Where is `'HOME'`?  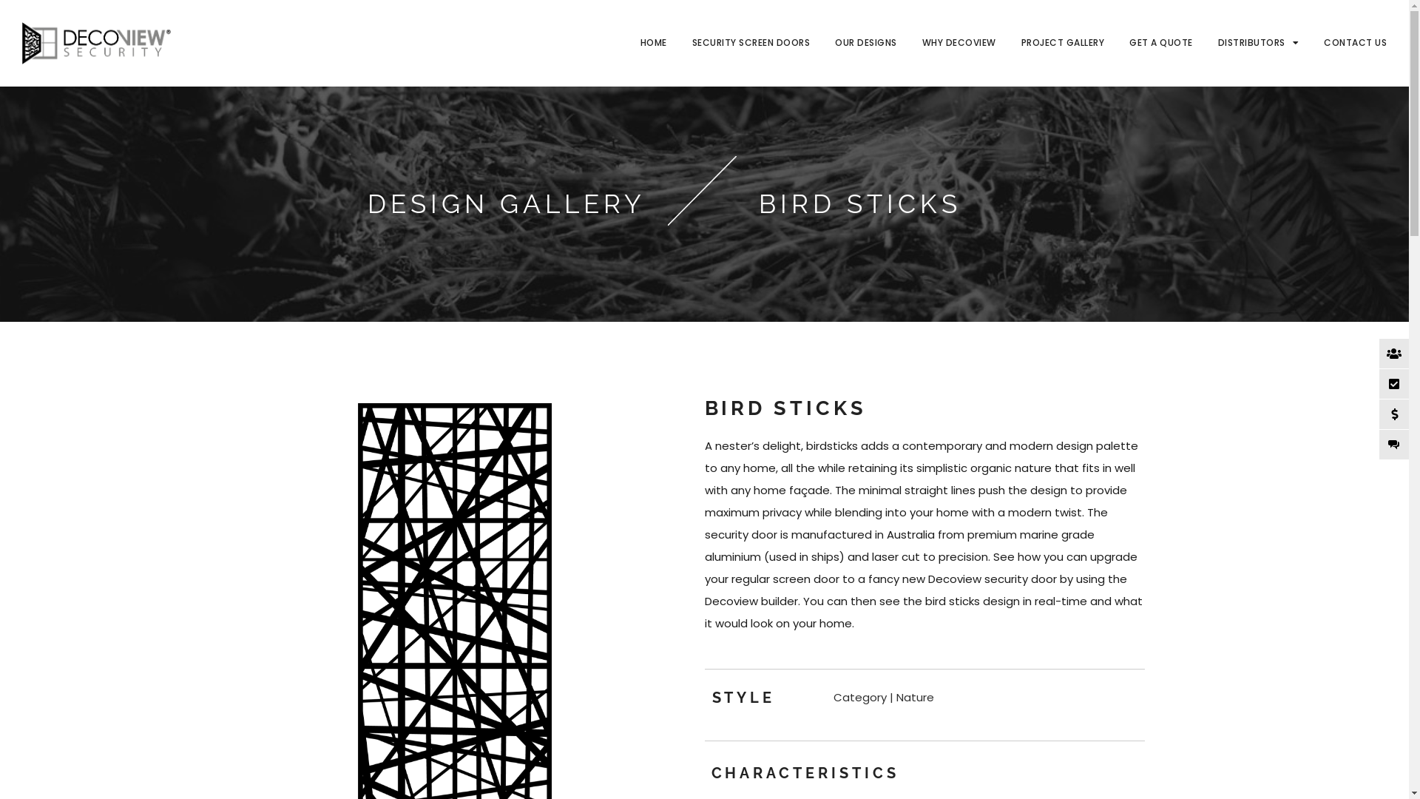
'HOME' is located at coordinates (652, 41).